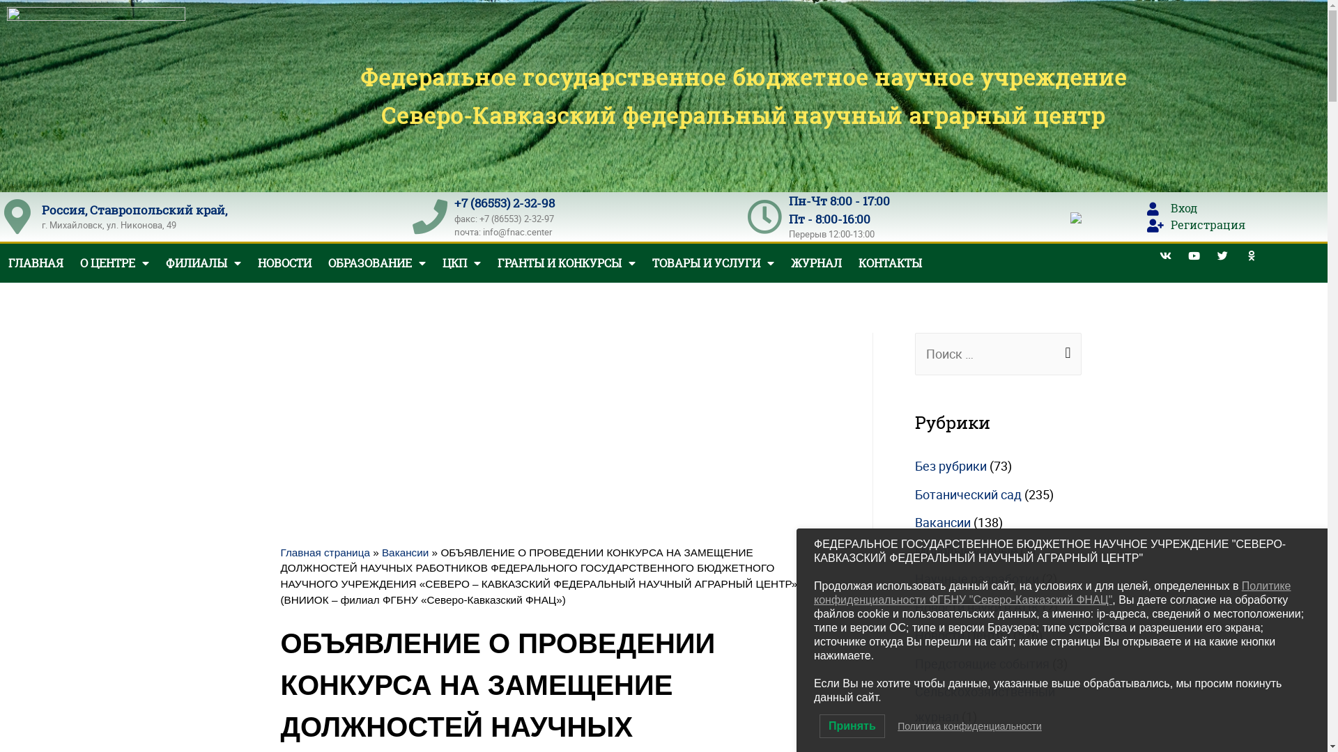  I want to click on '+7 (86553) 2-32-9', so click(501, 203).